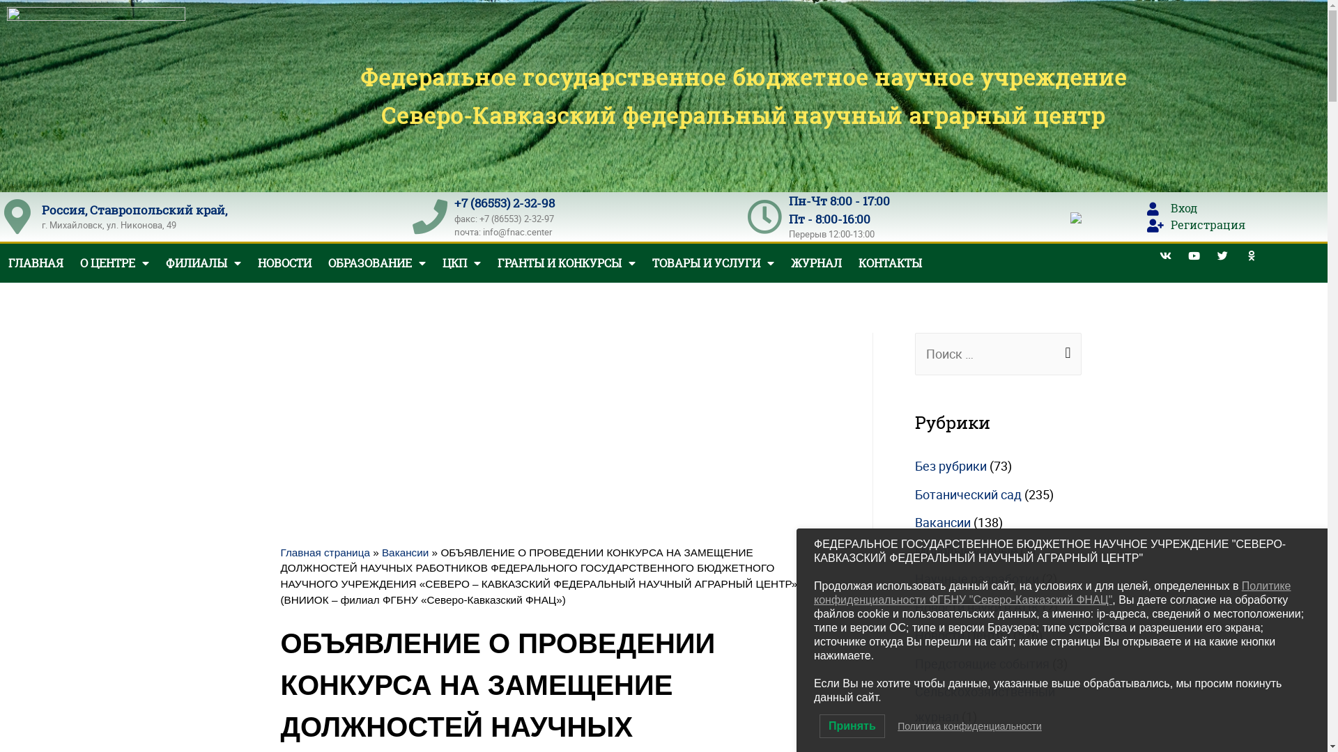  I want to click on '+7 (86553) 2-32-9', so click(501, 203).